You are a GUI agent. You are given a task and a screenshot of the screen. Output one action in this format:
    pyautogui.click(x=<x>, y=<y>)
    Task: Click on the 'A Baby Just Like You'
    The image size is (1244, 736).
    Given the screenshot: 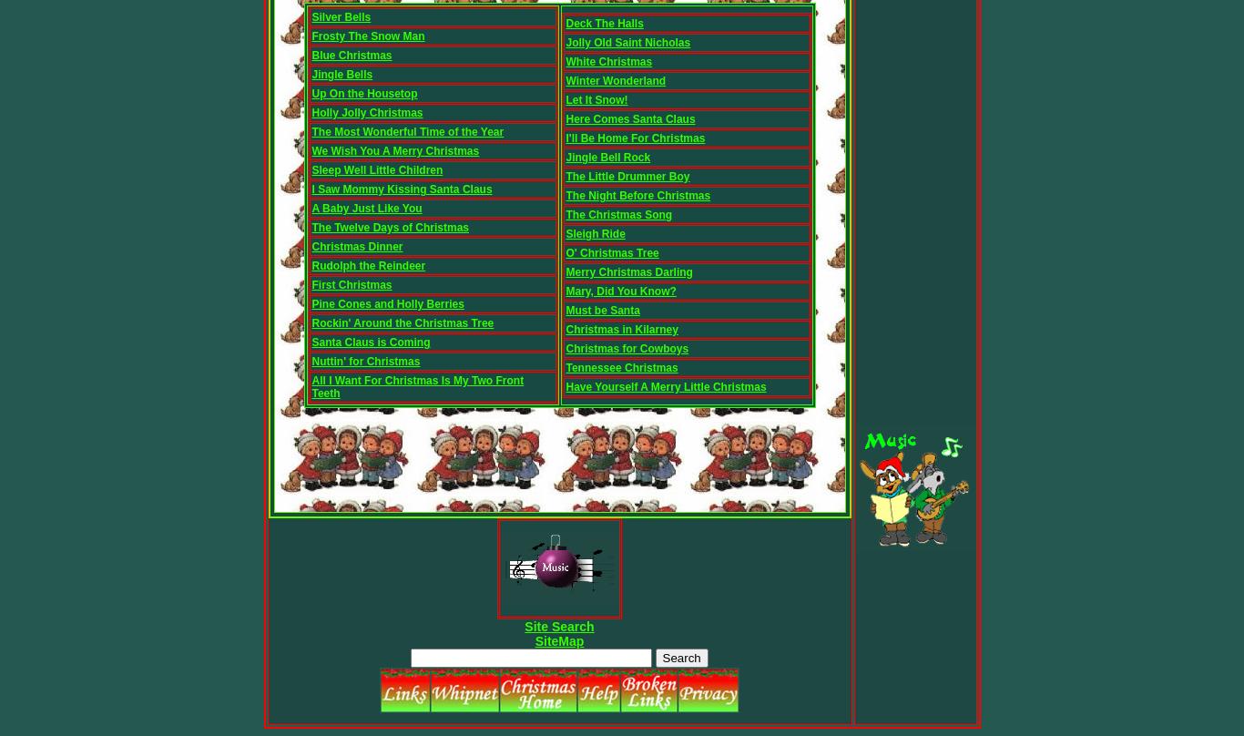 What is the action you would take?
    pyautogui.click(x=365, y=208)
    